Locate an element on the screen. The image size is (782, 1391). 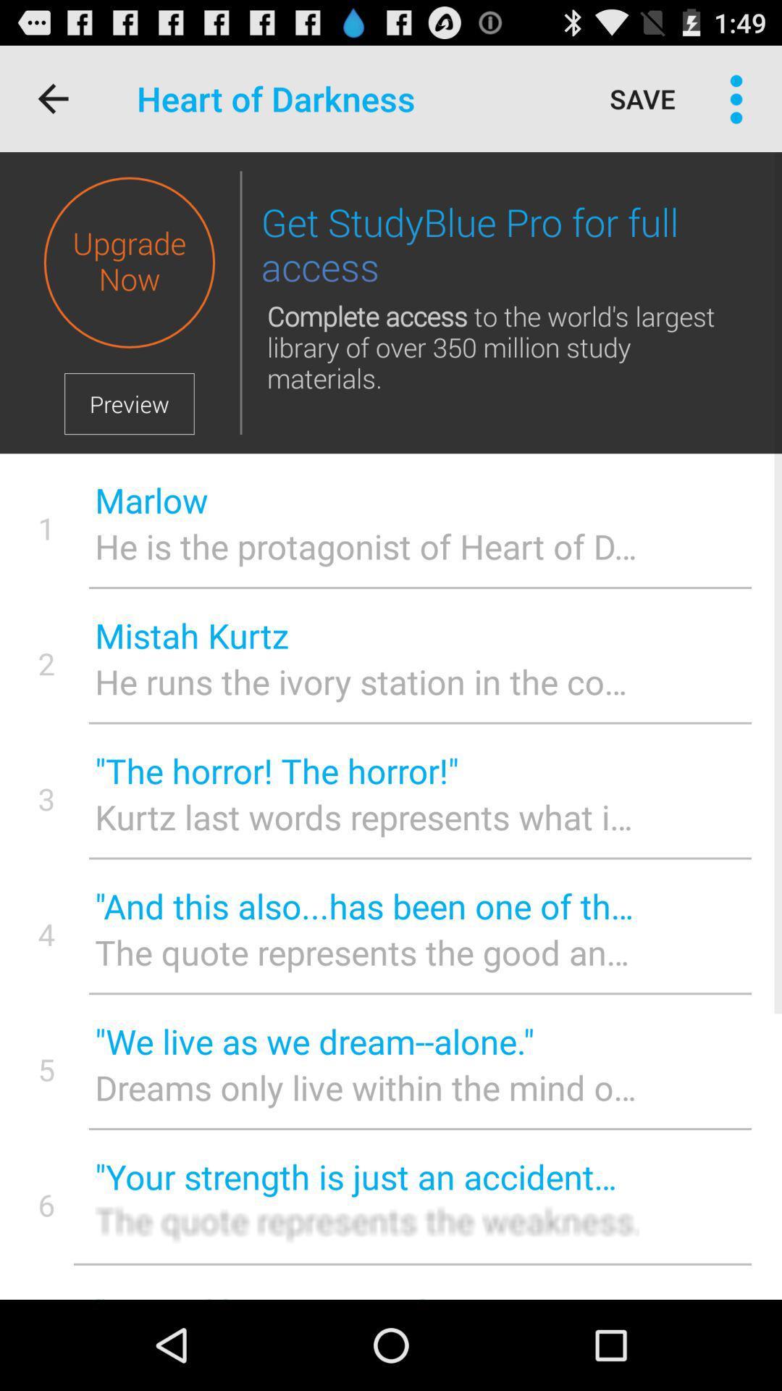
item above 6 is located at coordinates (46, 1069).